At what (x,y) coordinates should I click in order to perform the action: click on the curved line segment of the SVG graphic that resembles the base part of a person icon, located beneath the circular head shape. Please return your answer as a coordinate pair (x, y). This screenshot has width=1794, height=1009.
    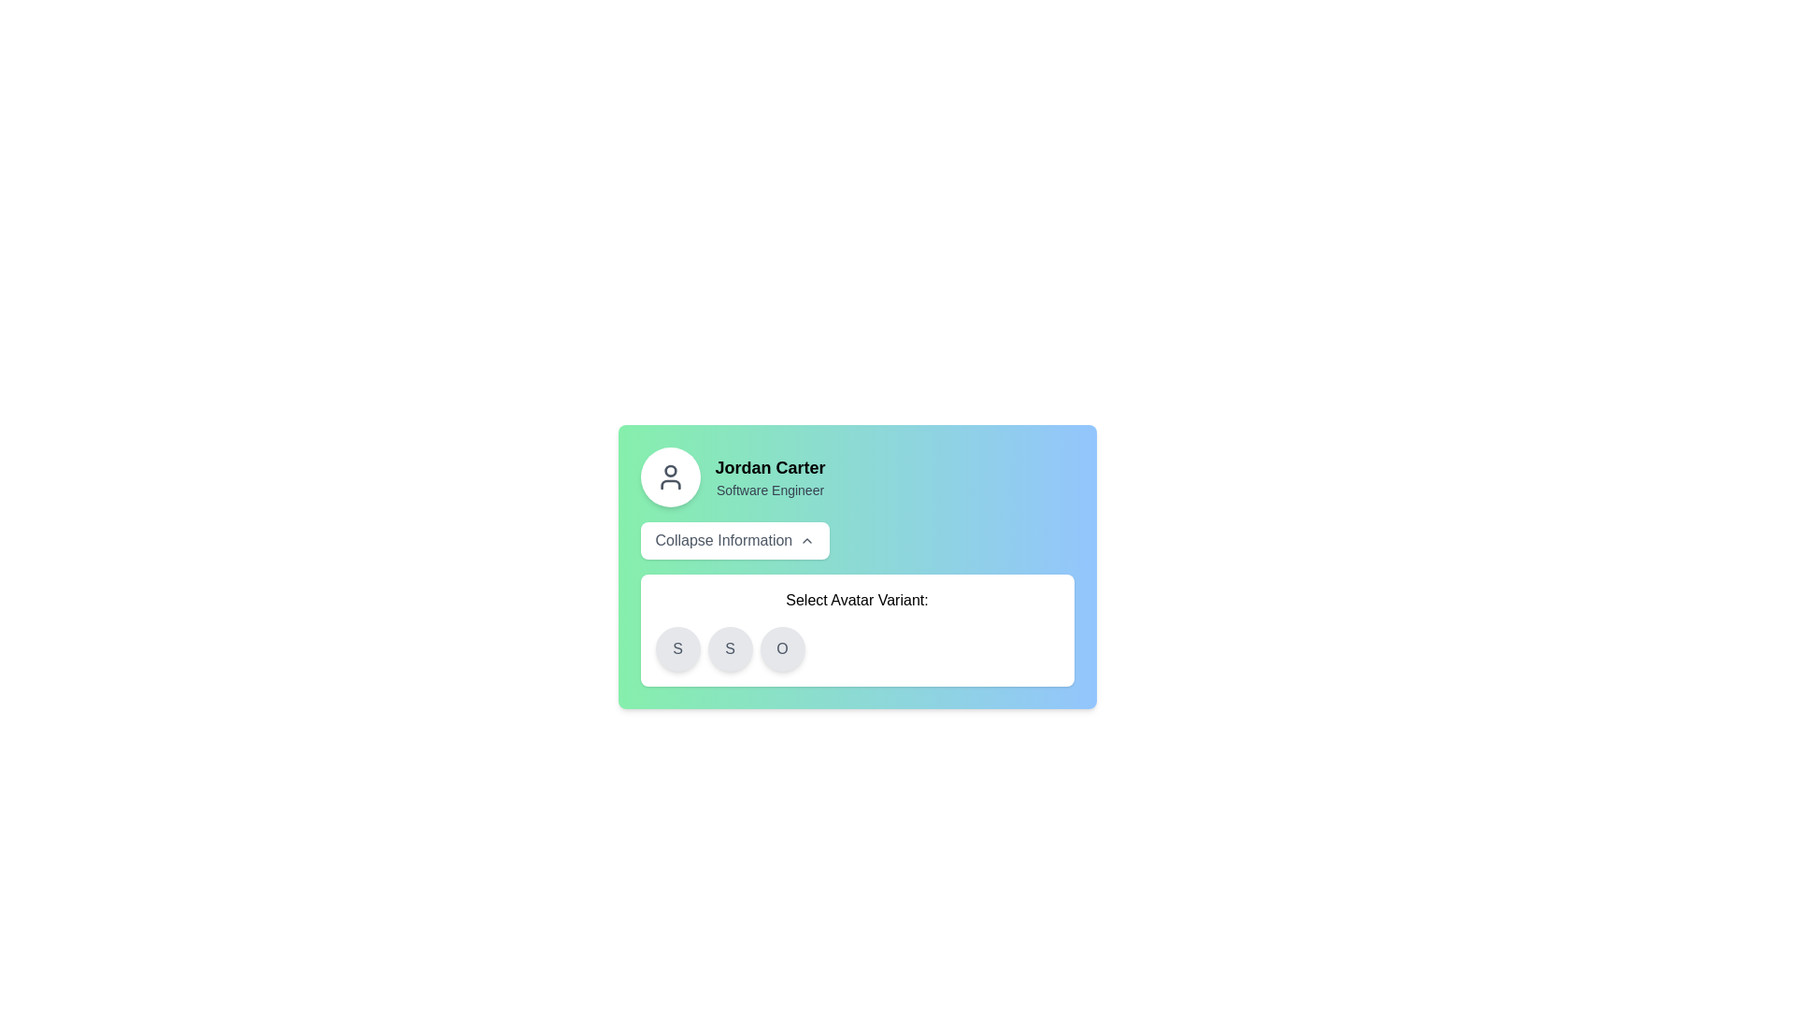
    Looking at the image, I should click on (670, 484).